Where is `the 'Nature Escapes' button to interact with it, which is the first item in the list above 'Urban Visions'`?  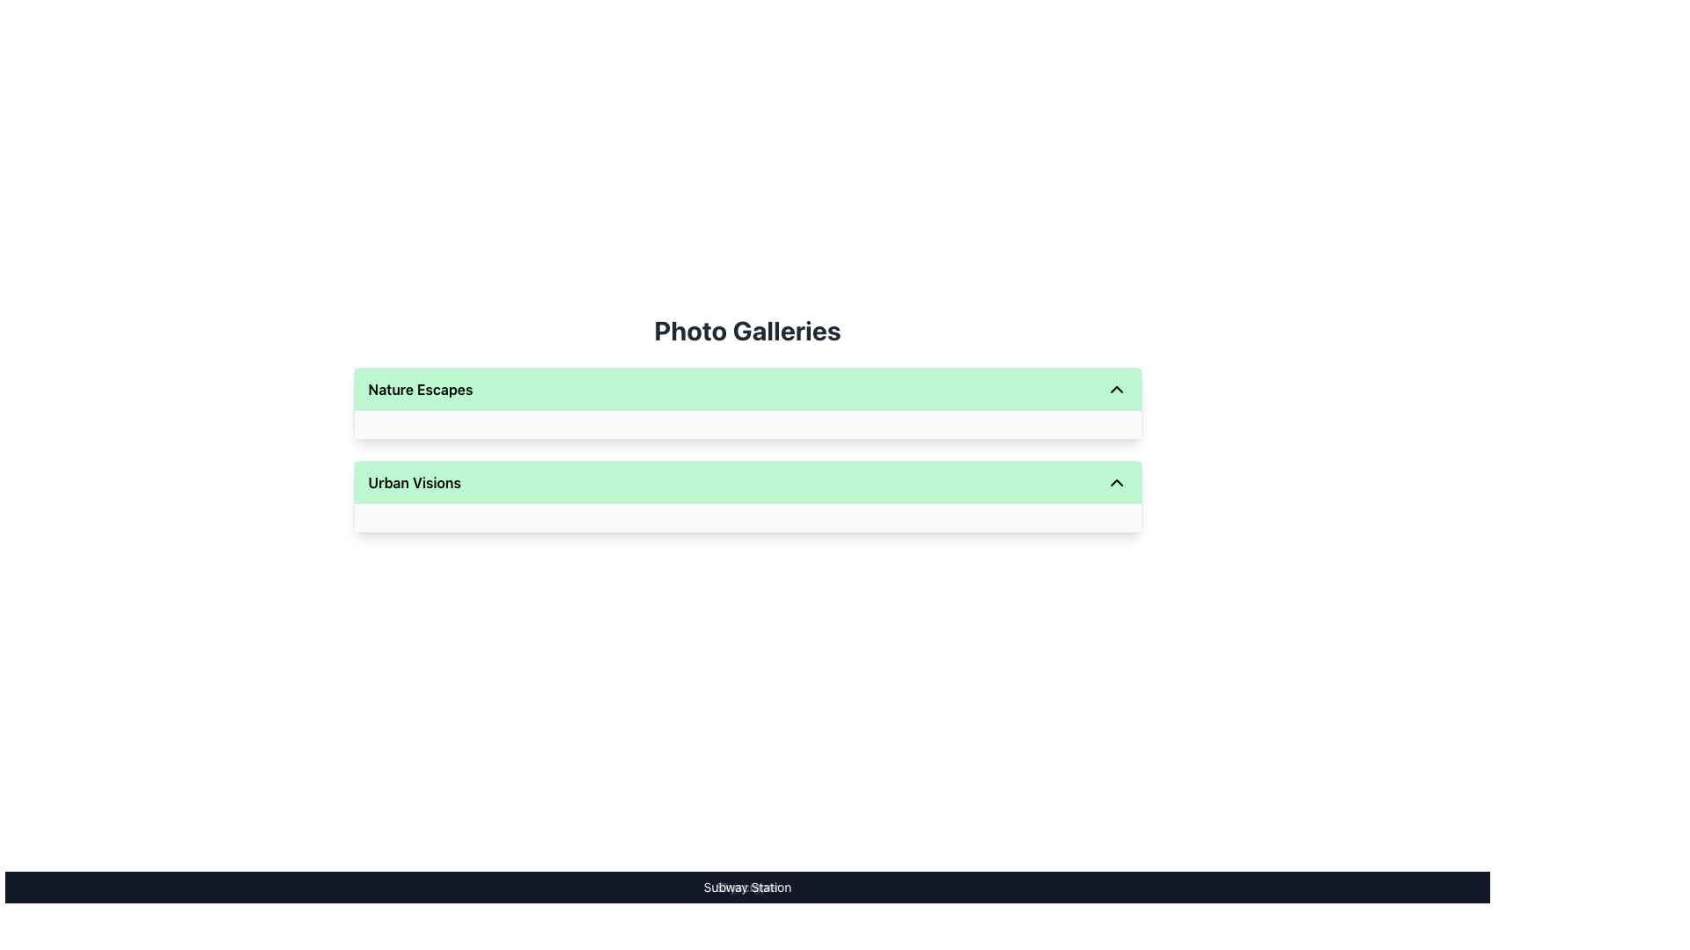
the 'Nature Escapes' button to interact with it, which is the first item in the list above 'Urban Visions' is located at coordinates (747, 389).